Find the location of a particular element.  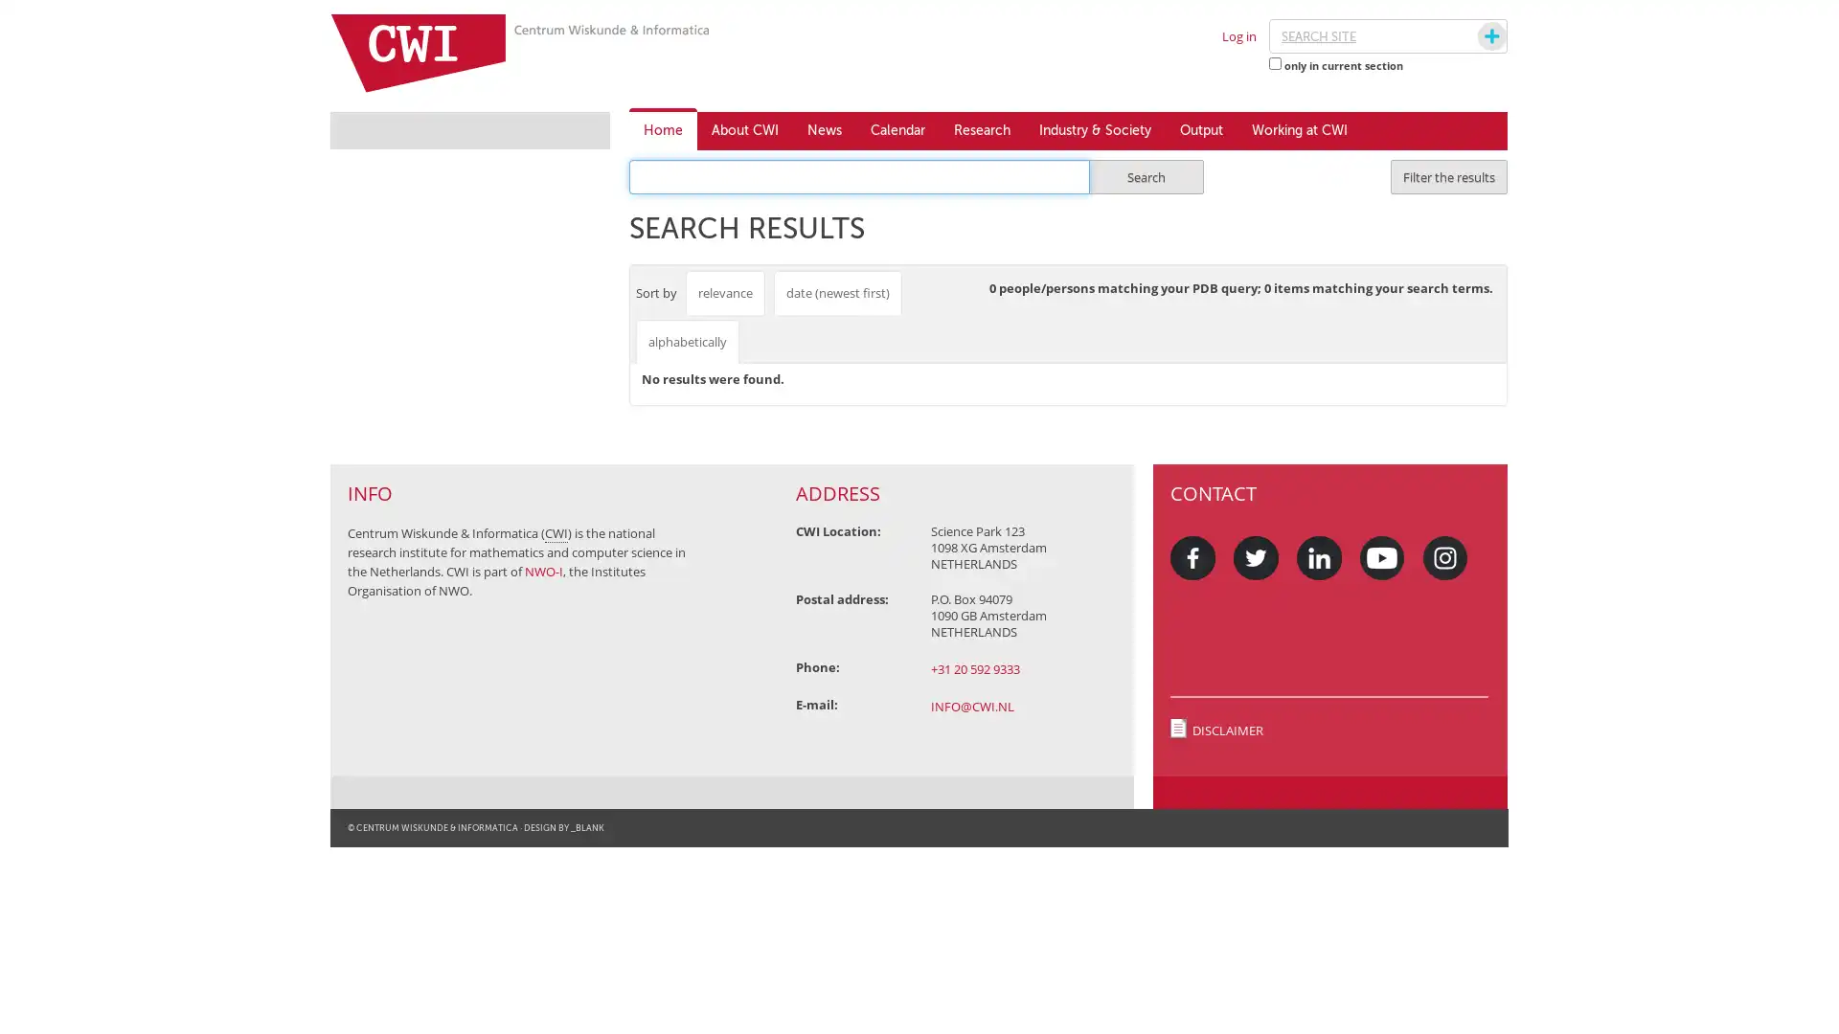

Filter the results is located at coordinates (1448, 177).